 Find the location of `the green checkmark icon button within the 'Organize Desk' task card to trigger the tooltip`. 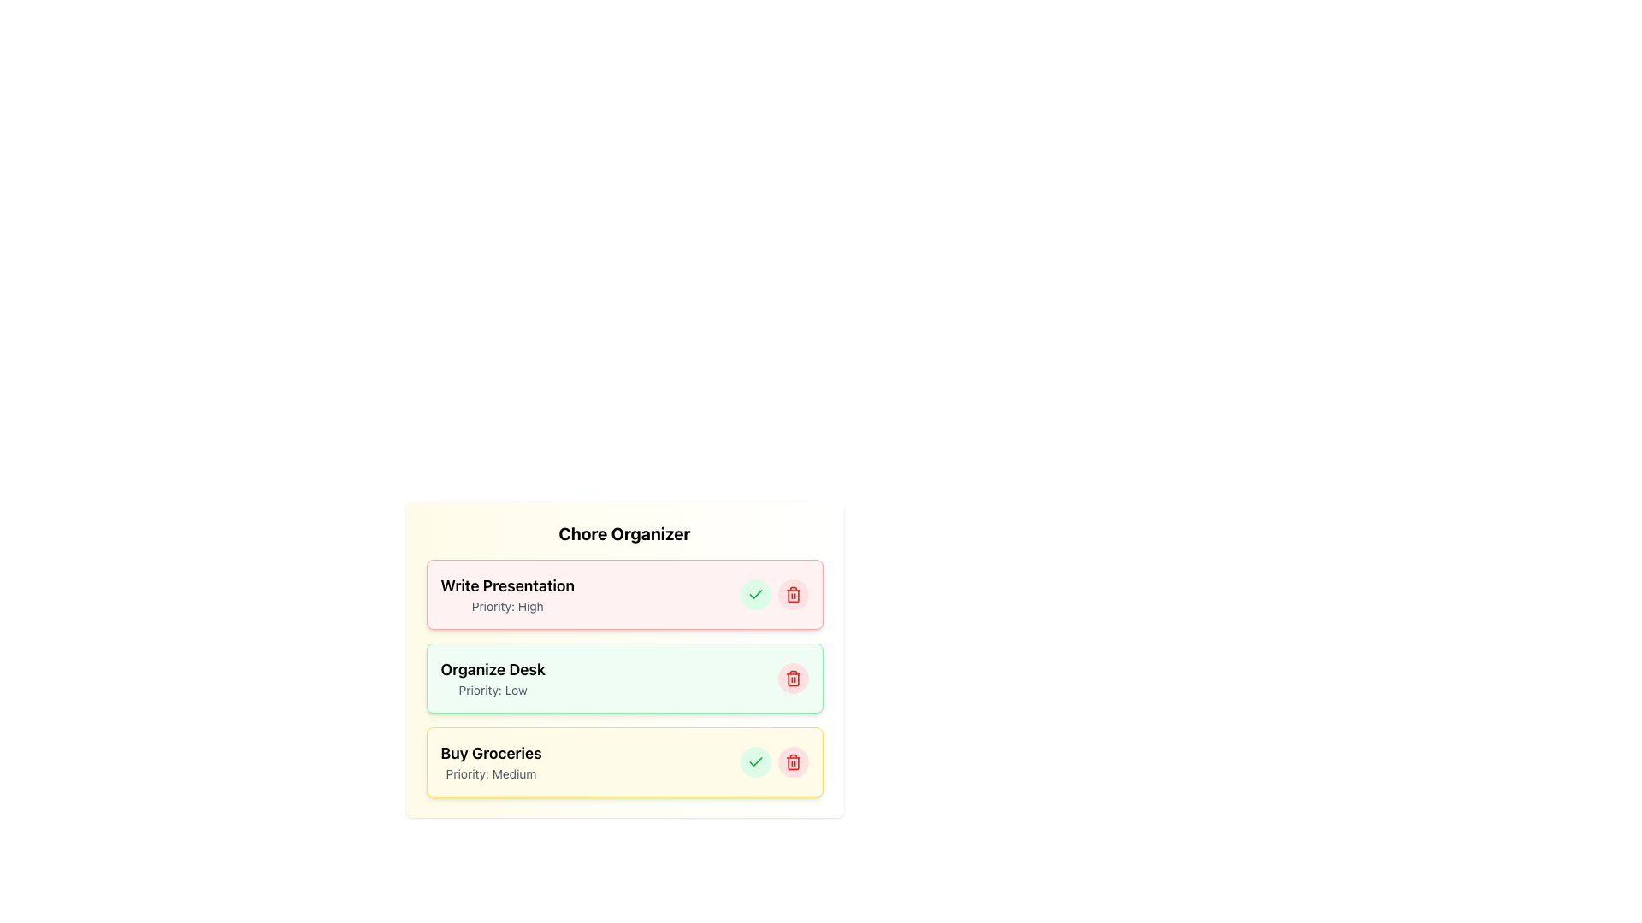

the green checkmark icon button within the 'Organize Desk' task card to trigger the tooltip is located at coordinates (754, 761).